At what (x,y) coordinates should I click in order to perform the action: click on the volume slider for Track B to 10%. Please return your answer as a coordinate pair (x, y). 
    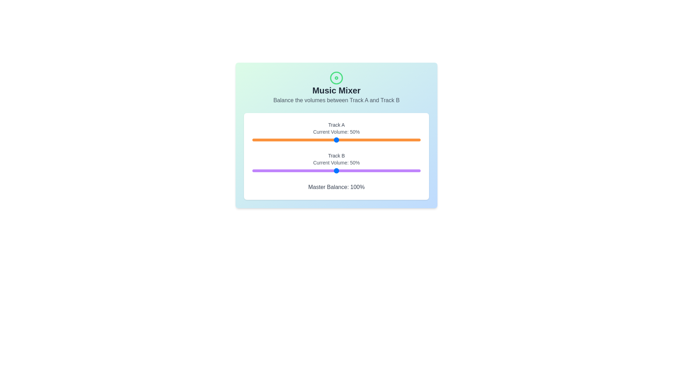
    Looking at the image, I should click on (269, 171).